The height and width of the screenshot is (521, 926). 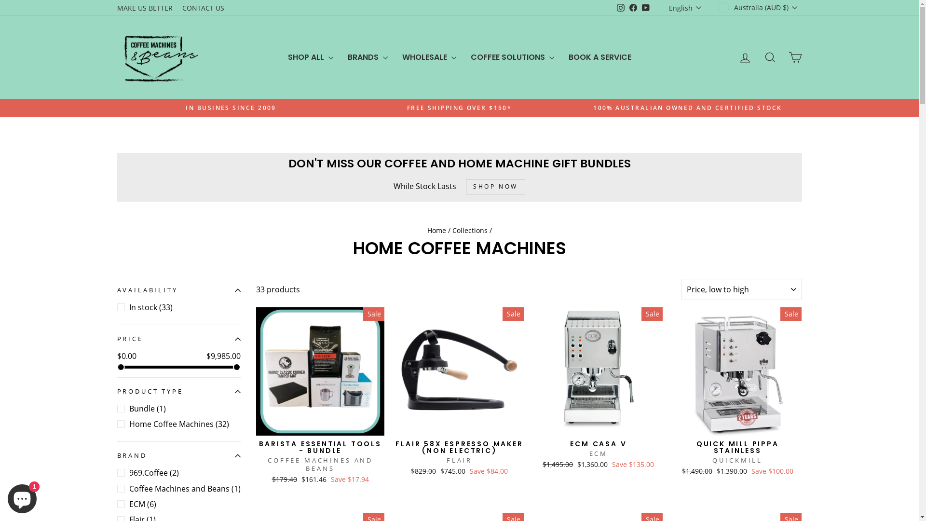 What do you see at coordinates (633, 8) in the screenshot?
I see `'Facebook'` at bounding box center [633, 8].